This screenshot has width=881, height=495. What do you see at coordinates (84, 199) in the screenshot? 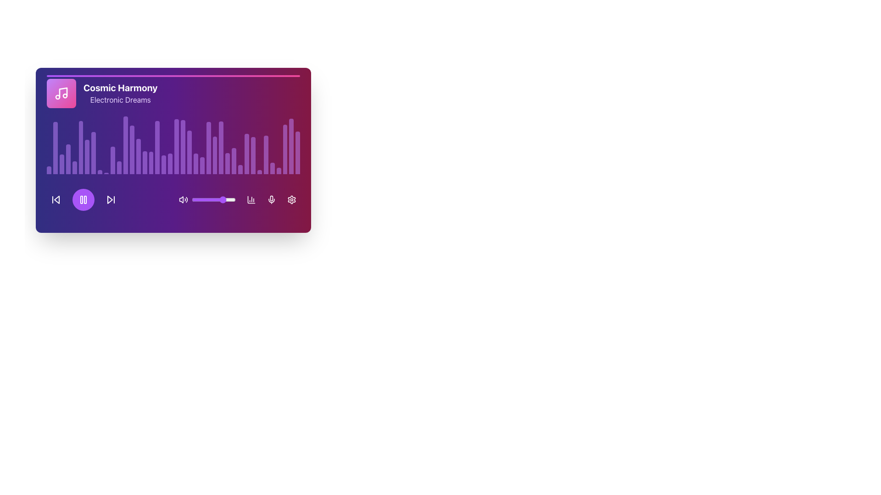
I see `the pause button in the media control panel` at bounding box center [84, 199].